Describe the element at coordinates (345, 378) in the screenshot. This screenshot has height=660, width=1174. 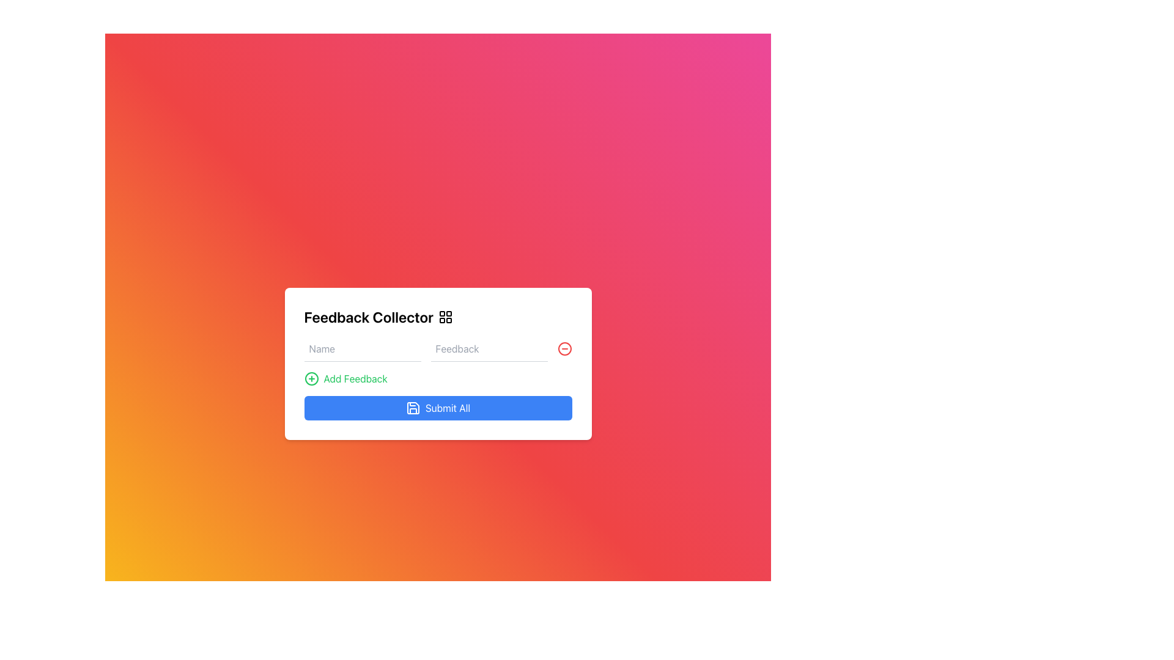
I see `the 'Add Feedback' button, which is styled with green text and a green icon featuring a circle with a plus symbol, located in the 'Feedback Collector' form under the input fields and above the 'Submit All' button` at that location.